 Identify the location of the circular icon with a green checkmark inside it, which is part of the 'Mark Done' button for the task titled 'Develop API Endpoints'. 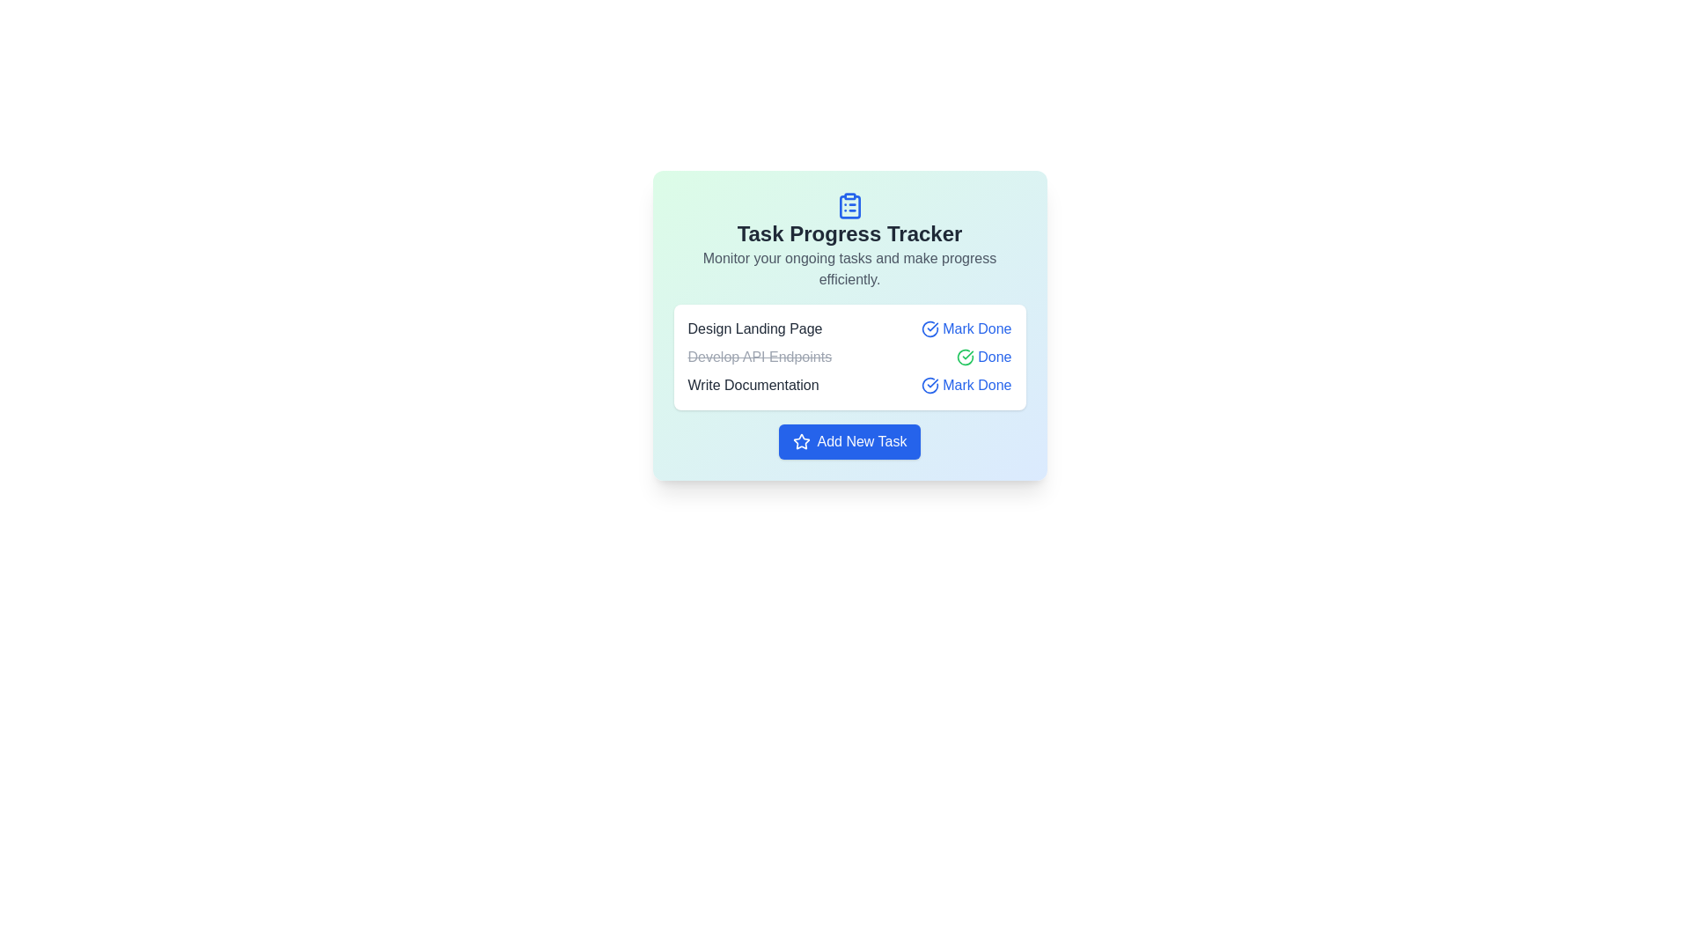
(965, 357).